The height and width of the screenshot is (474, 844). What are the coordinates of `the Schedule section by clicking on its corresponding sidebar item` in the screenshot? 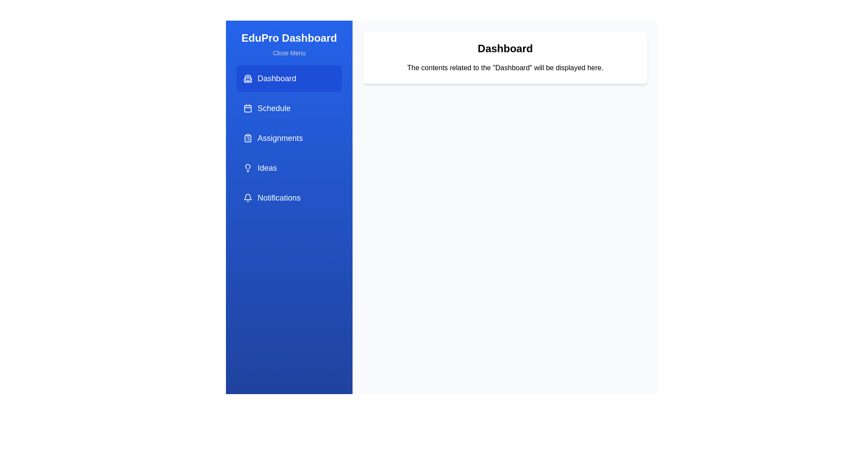 It's located at (289, 108).